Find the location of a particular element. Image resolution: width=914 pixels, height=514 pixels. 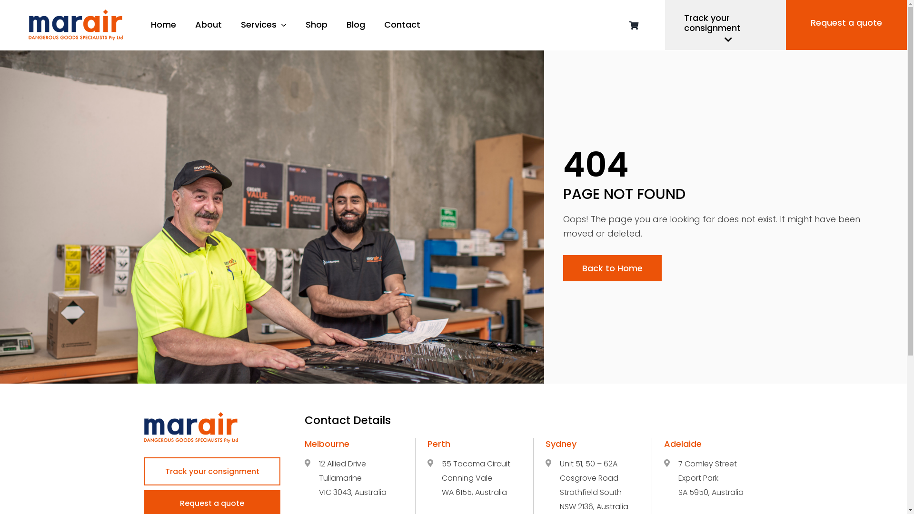

'Blog' is located at coordinates (355, 24).